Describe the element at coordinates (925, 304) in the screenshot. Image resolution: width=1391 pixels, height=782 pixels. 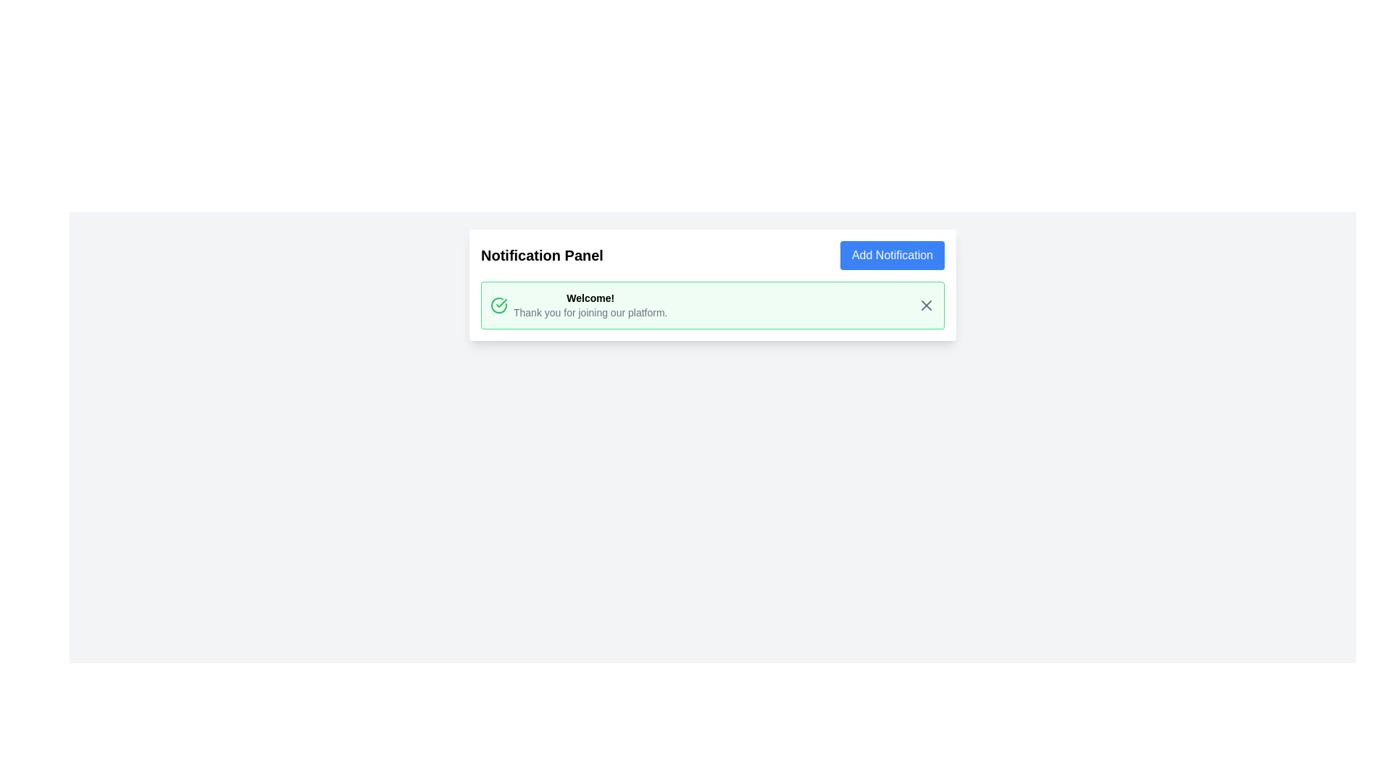
I see `the dismiss button (cross icon) located at the top-right corner of the 'Welcome!' notification card` at that location.